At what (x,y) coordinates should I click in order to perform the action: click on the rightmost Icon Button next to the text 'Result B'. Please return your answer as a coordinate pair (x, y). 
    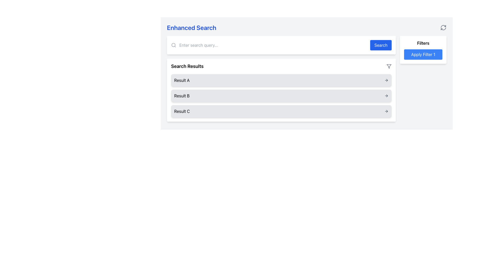
    Looking at the image, I should click on (386, 96).